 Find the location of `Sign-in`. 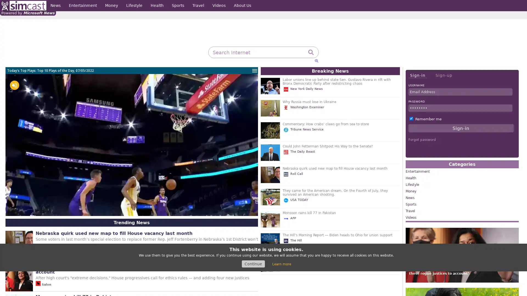

Sign-in is located at coordinates (417, 75).